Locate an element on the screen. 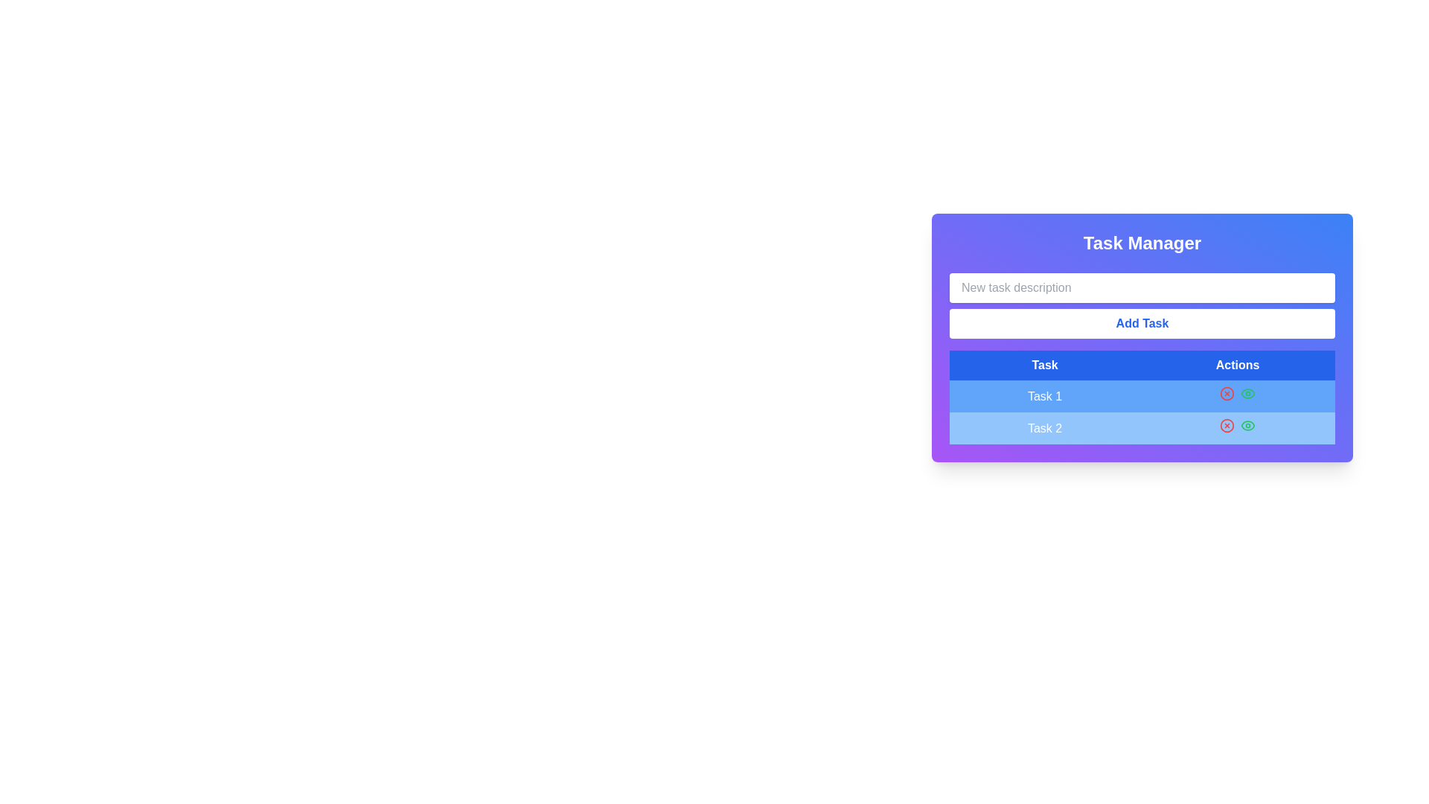  the delete button located in the 'Actions' column of the first row in the task table, positioned next to the green eye icon is located at coordinates (1227, 392).